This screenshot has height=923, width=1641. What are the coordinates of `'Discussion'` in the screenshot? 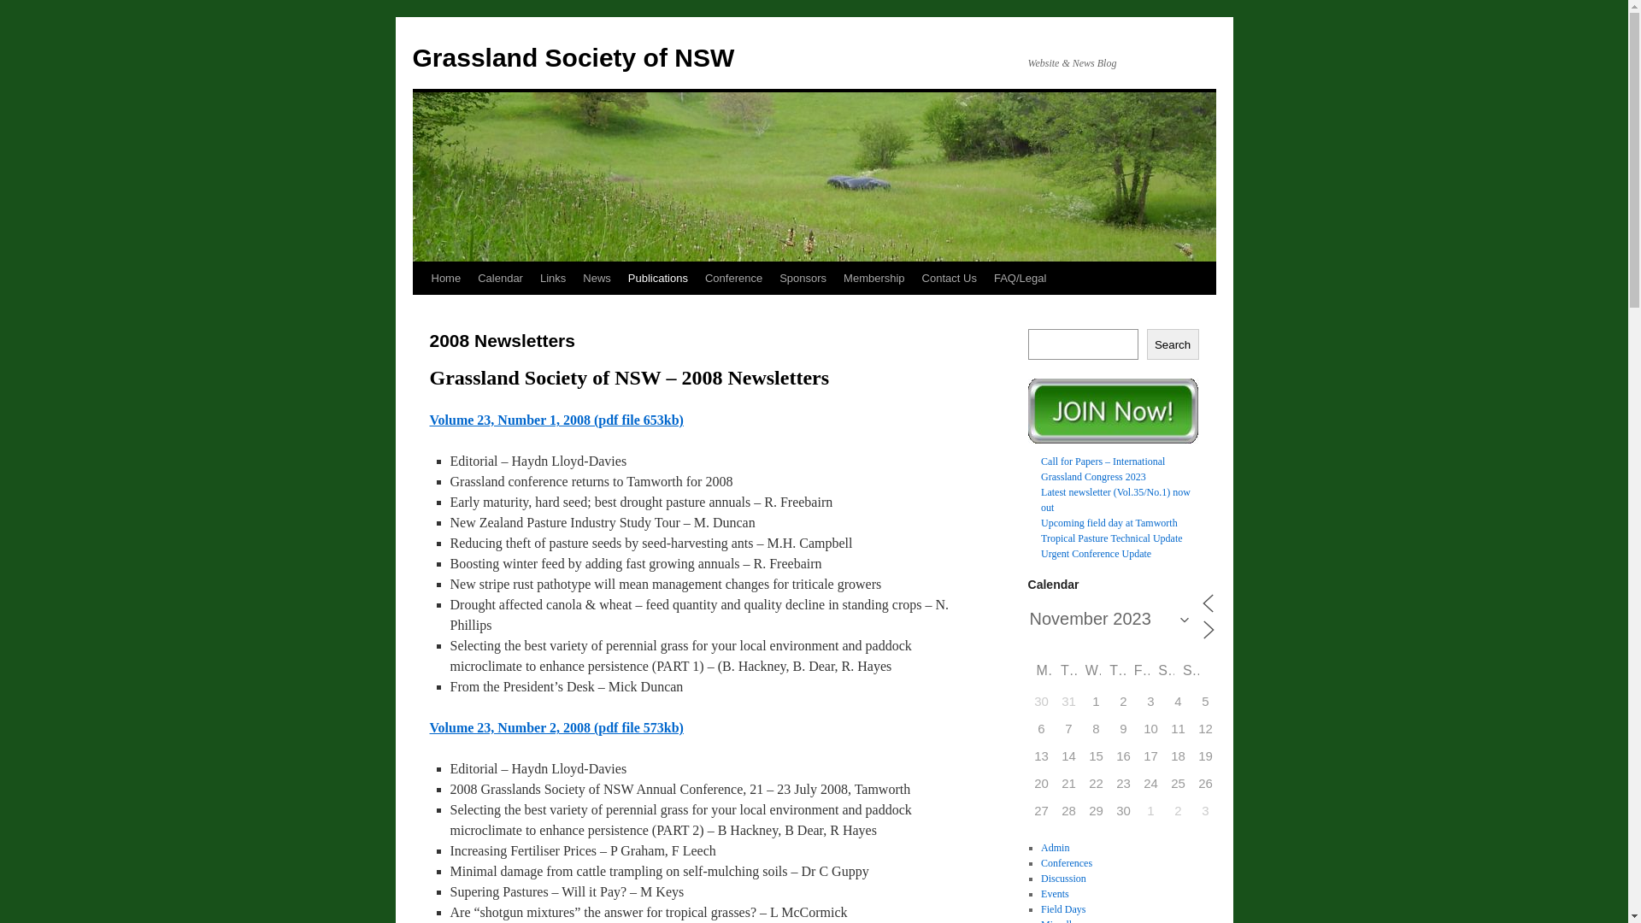 It's located at (1062, 879).